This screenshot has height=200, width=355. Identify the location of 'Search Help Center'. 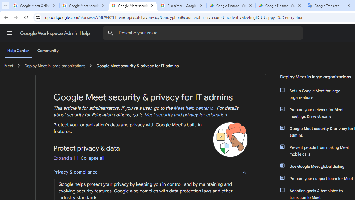
(111, 33).